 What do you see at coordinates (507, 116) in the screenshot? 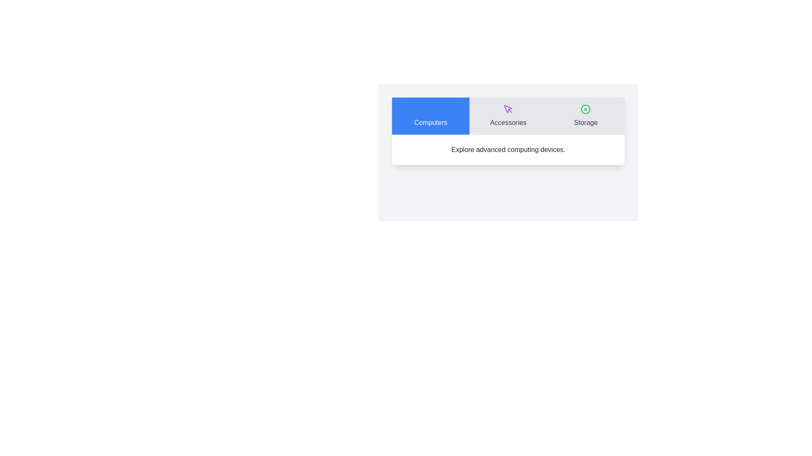
I see `the tab labeled Accessories` at bounding box center [507, 116].